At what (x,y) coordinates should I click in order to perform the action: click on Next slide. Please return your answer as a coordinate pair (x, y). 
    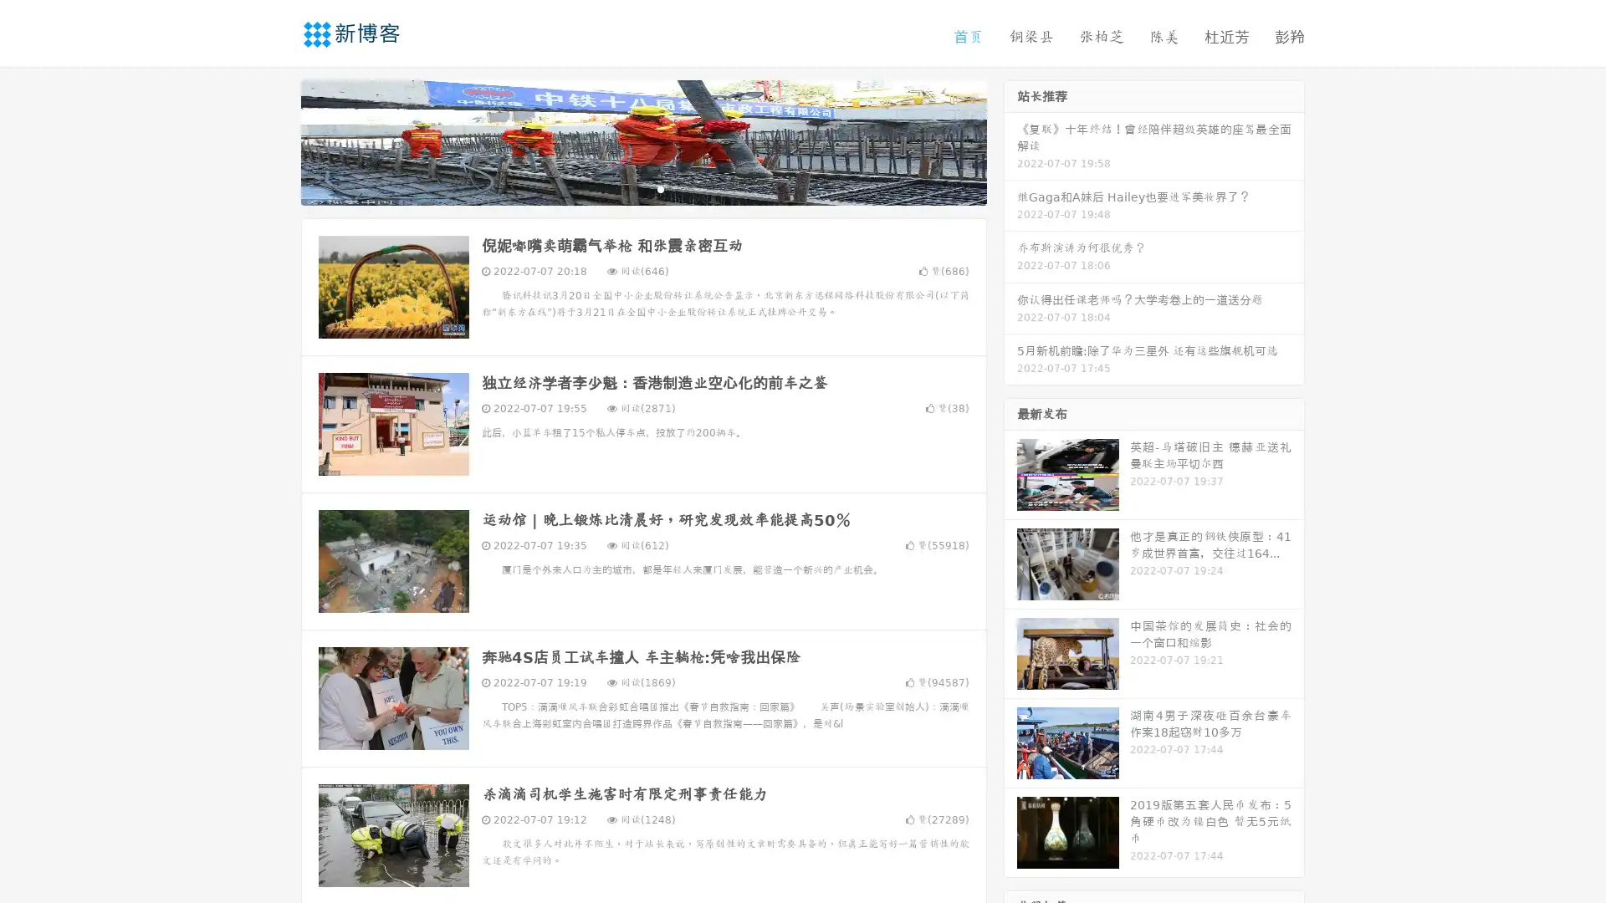
    Looking at the image, I should click on (1010, 140).